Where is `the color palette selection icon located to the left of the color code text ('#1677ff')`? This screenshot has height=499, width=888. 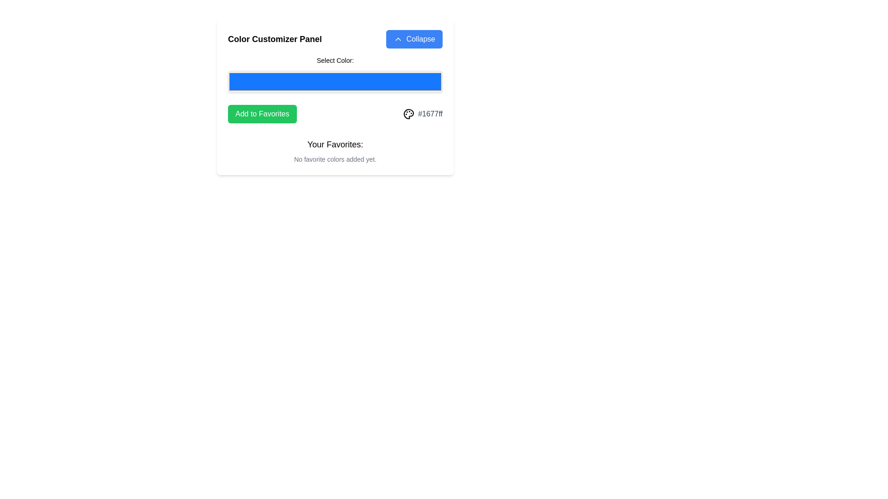
the color palette selection icon located to the left of the color code text ('#1677ff') is located at coordinates (408, 113).